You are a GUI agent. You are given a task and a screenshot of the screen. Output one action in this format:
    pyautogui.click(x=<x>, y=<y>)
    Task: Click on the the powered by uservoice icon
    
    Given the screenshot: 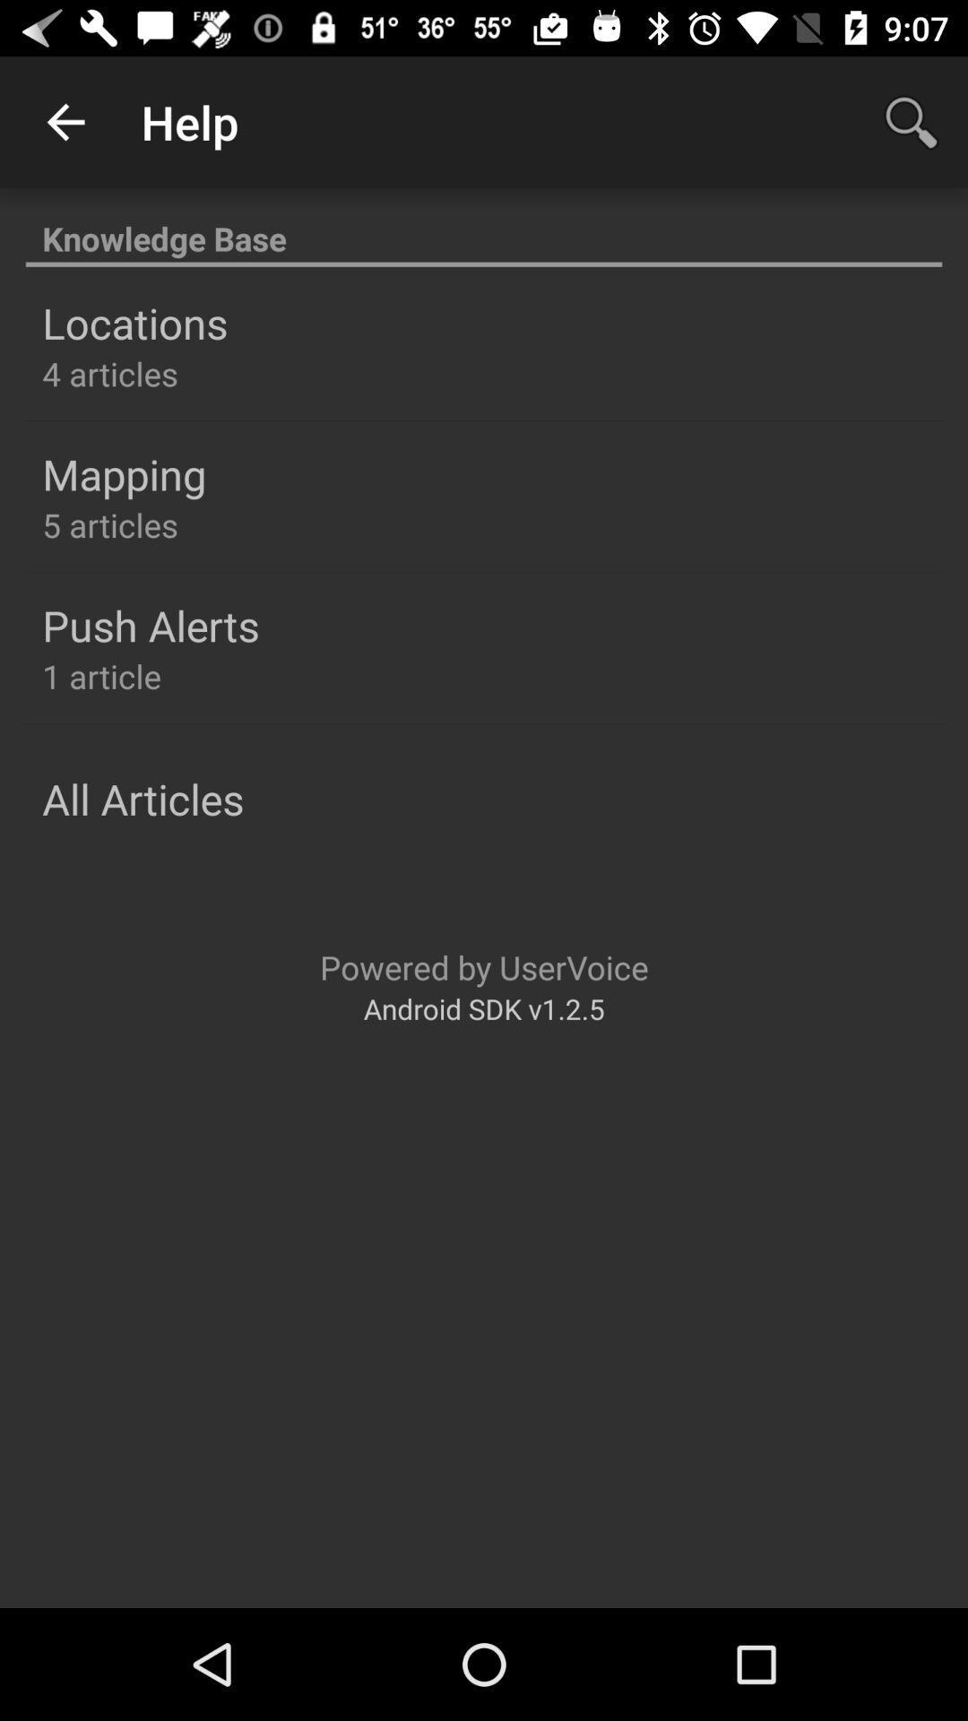 What is the action you would take?
    pyautogui.click(x=484, y=966)
    